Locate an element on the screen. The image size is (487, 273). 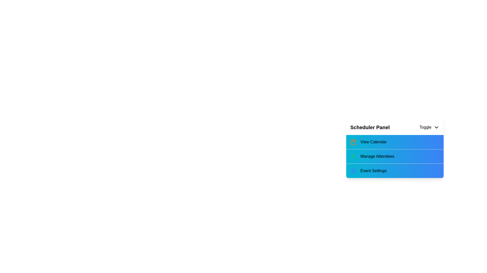
the 'Event Settings' option in the menu is located at coordinates (394, 171).